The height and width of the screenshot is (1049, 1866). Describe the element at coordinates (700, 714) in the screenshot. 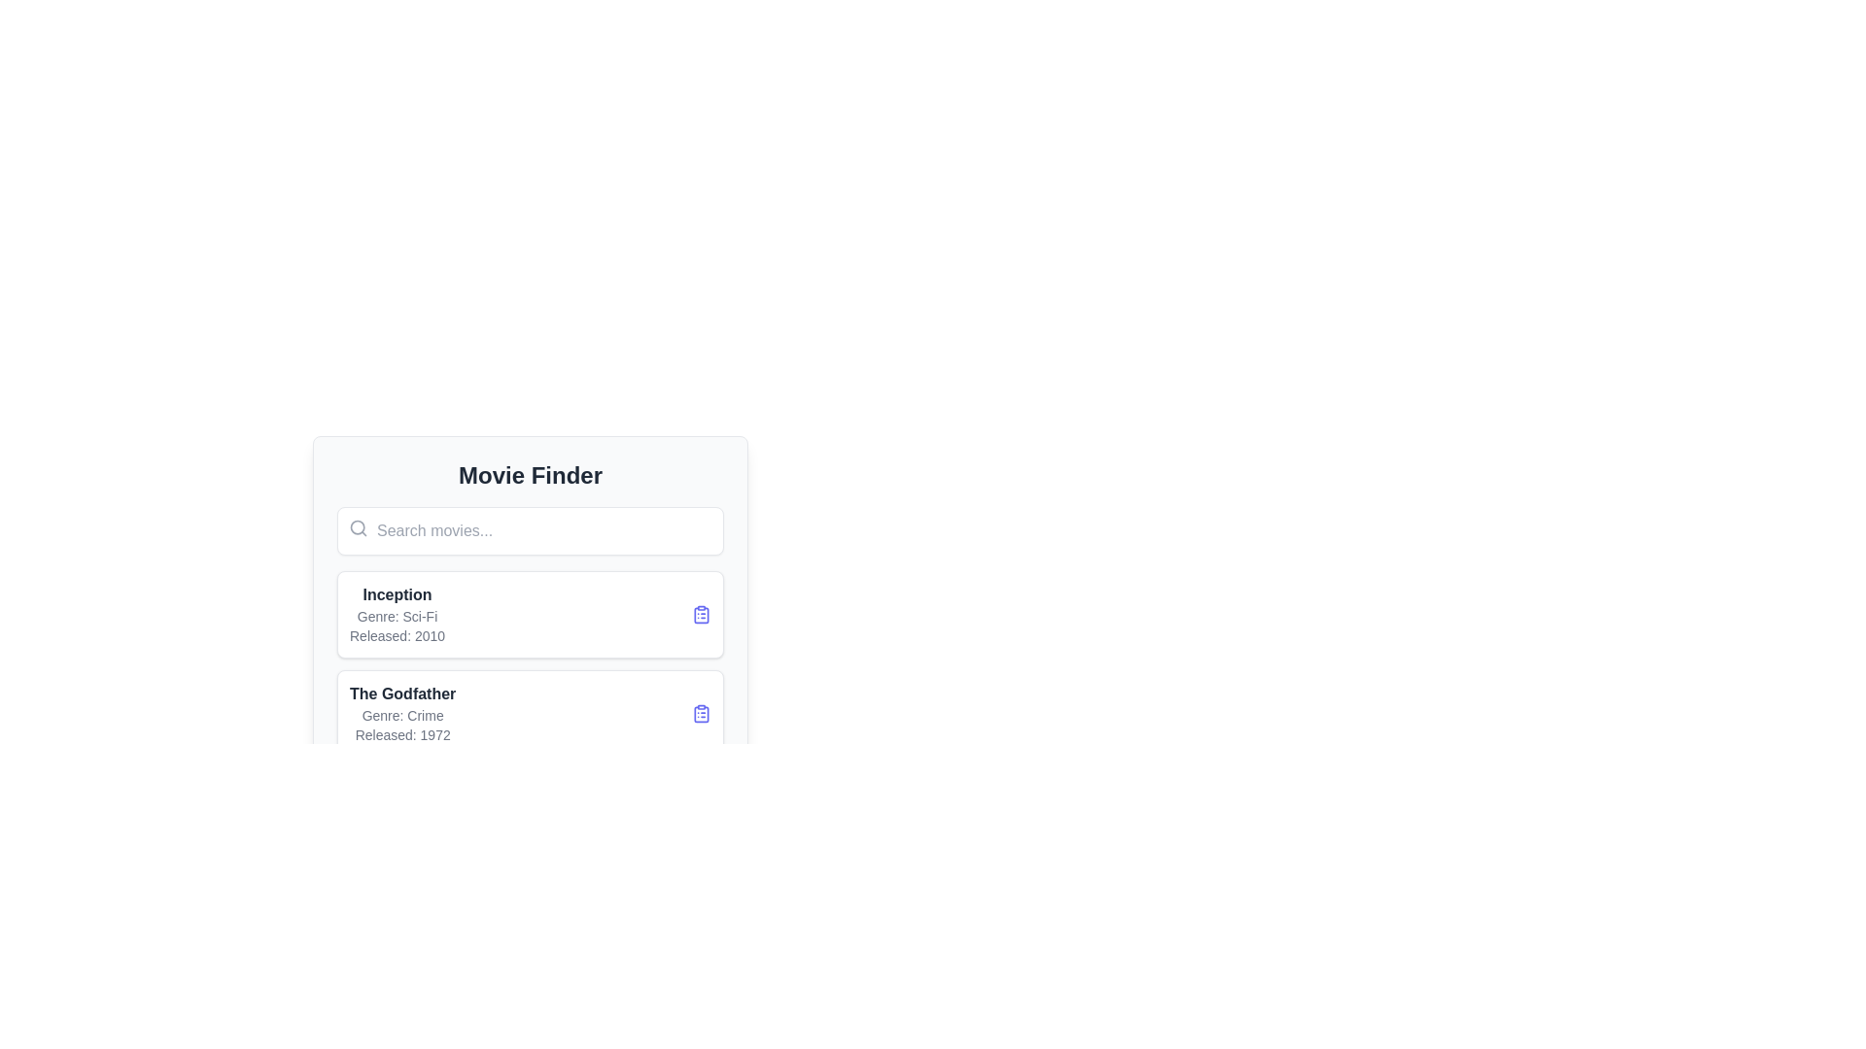

I see `the small indigo clipboard icon located at the bottom-right corner of the card titled 'The Godfather', which is below the 'Inception' card` at that location.